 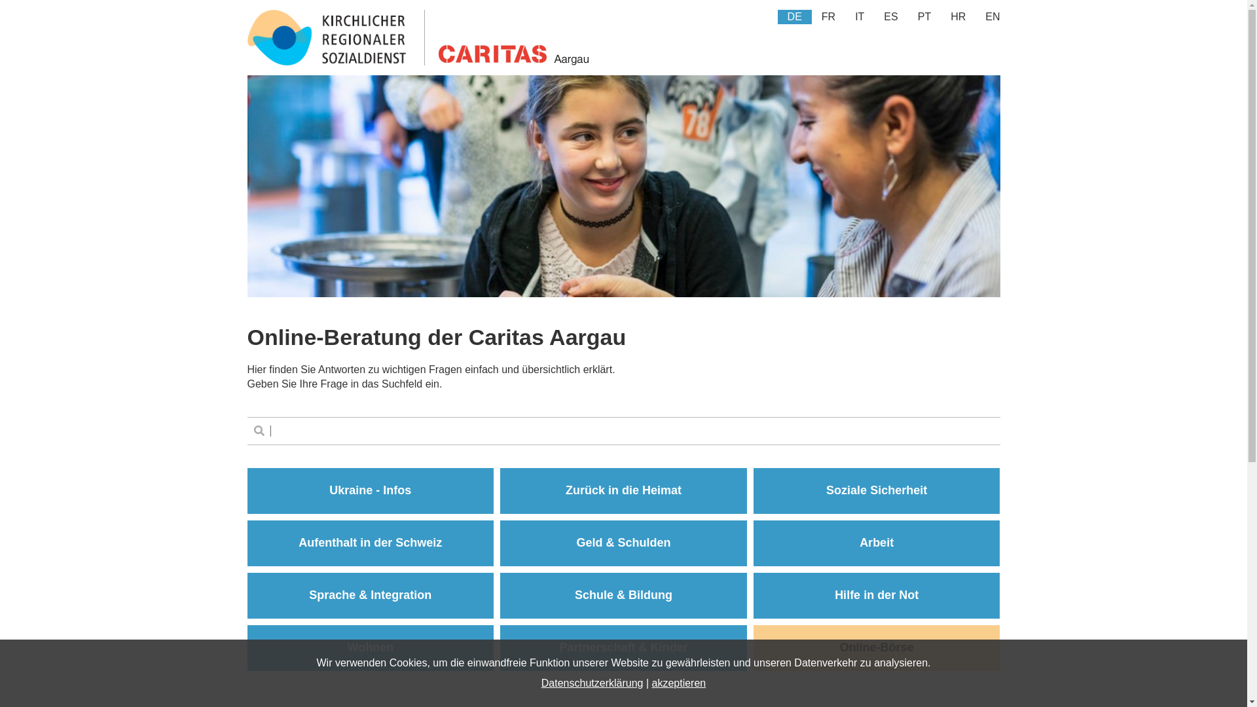 What do you see at coordinates (623, 596) in the screenshot?
I see `'Schule & Bildung'` at bounding box center [623, 596].